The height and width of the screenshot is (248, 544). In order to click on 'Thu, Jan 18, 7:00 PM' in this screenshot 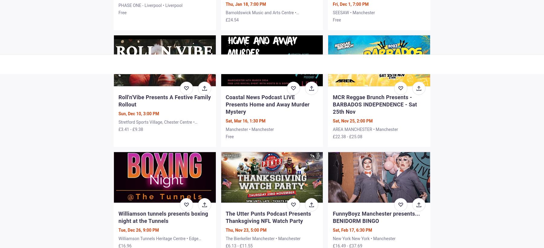, I will do `click(225, 4)`.